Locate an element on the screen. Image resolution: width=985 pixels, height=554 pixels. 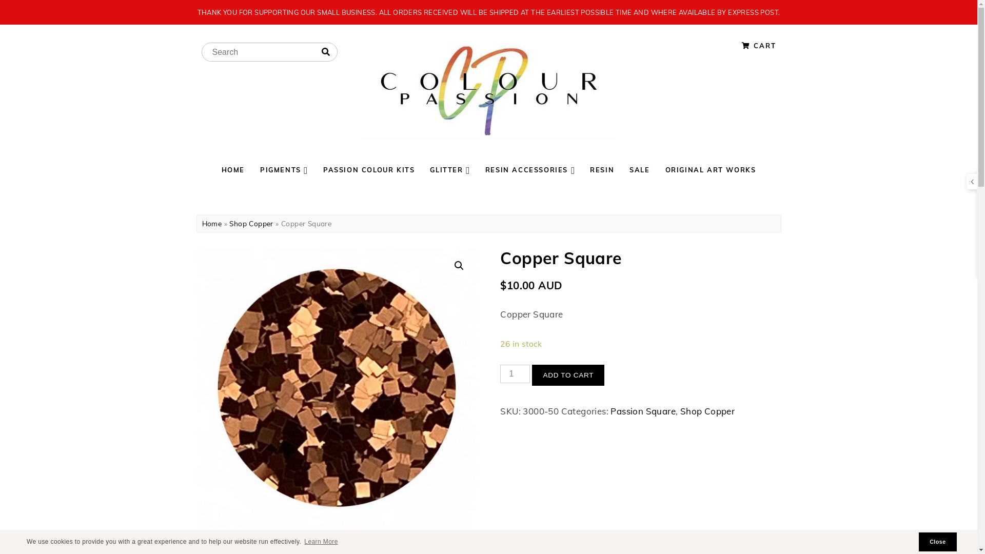
'PIGMENTS' is located at coordinates (284, 169).